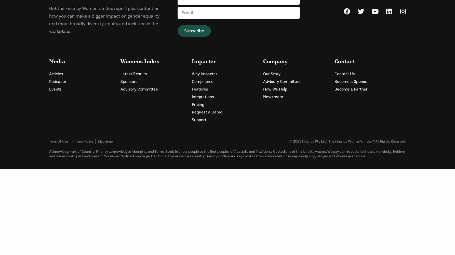  Describe the element at coordinates (347, 141) in the screenshot. I see `'© 2023  Financy Pty Ltd®. The Financy Women’s Index™. All Rights Reserved.'` at that location.